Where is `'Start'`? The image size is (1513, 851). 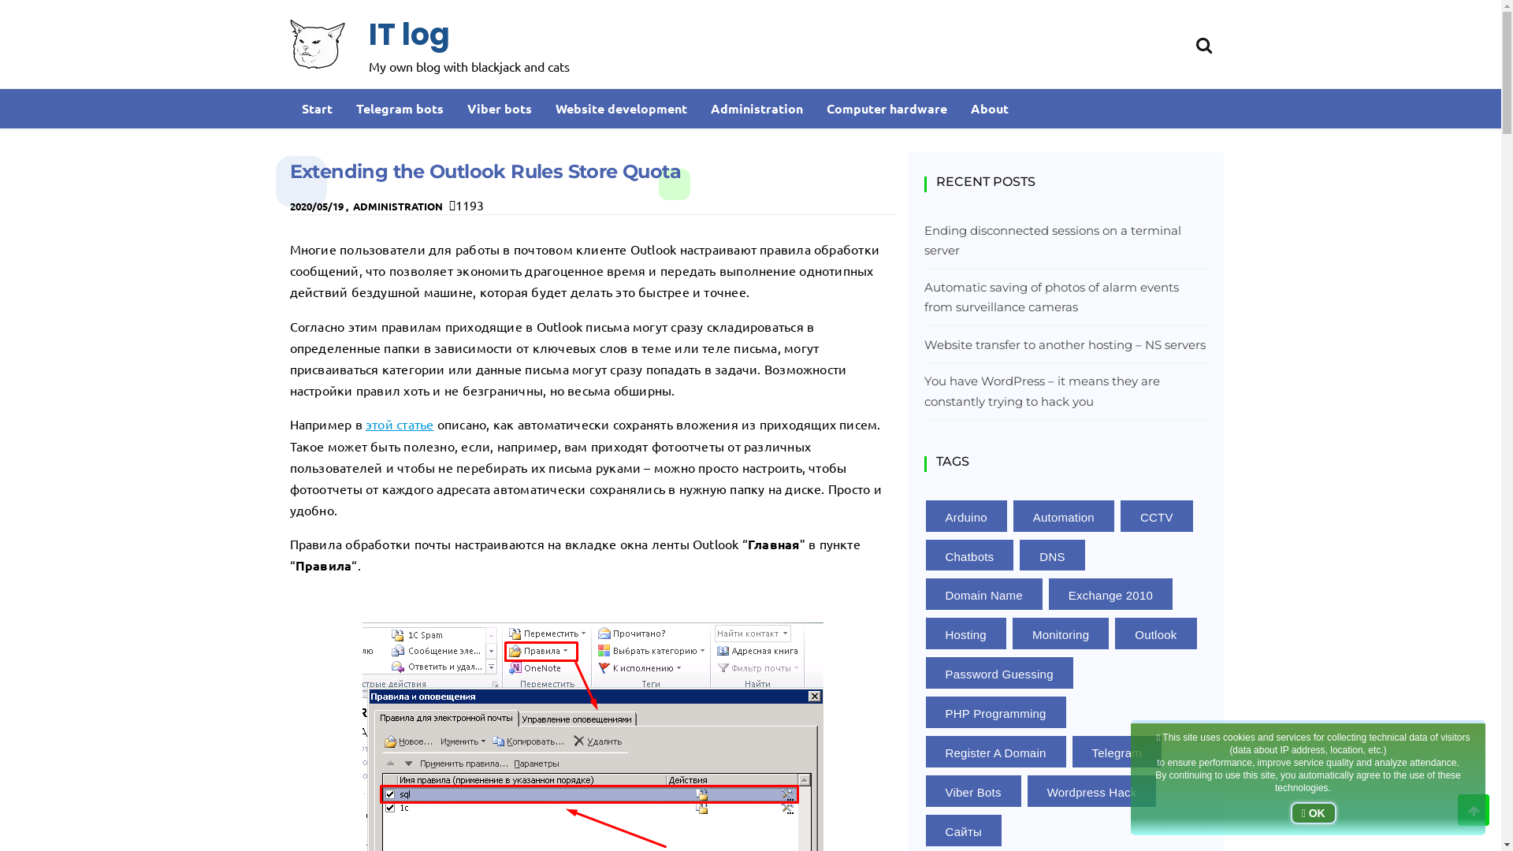 'Start' is located at coordinates (316, 108).